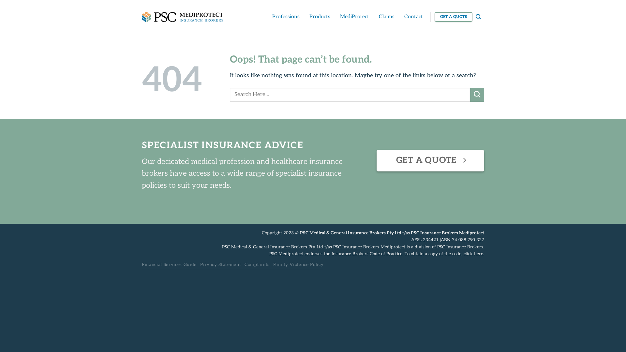  I want to click on 'Claims', so click(379, 16).